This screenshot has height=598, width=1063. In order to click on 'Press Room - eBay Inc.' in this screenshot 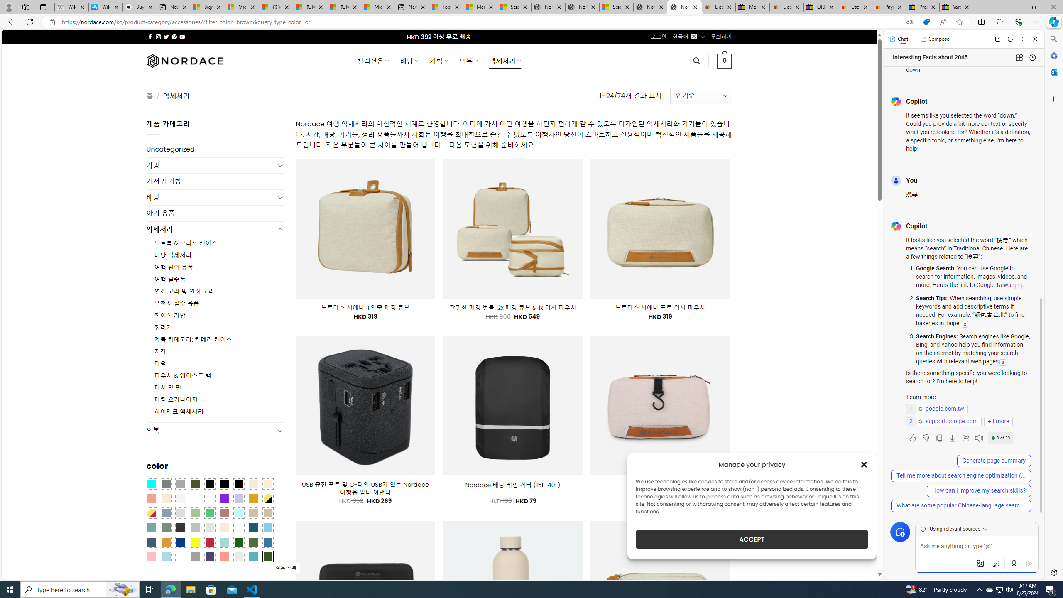, I will do `click(922, 7)`.